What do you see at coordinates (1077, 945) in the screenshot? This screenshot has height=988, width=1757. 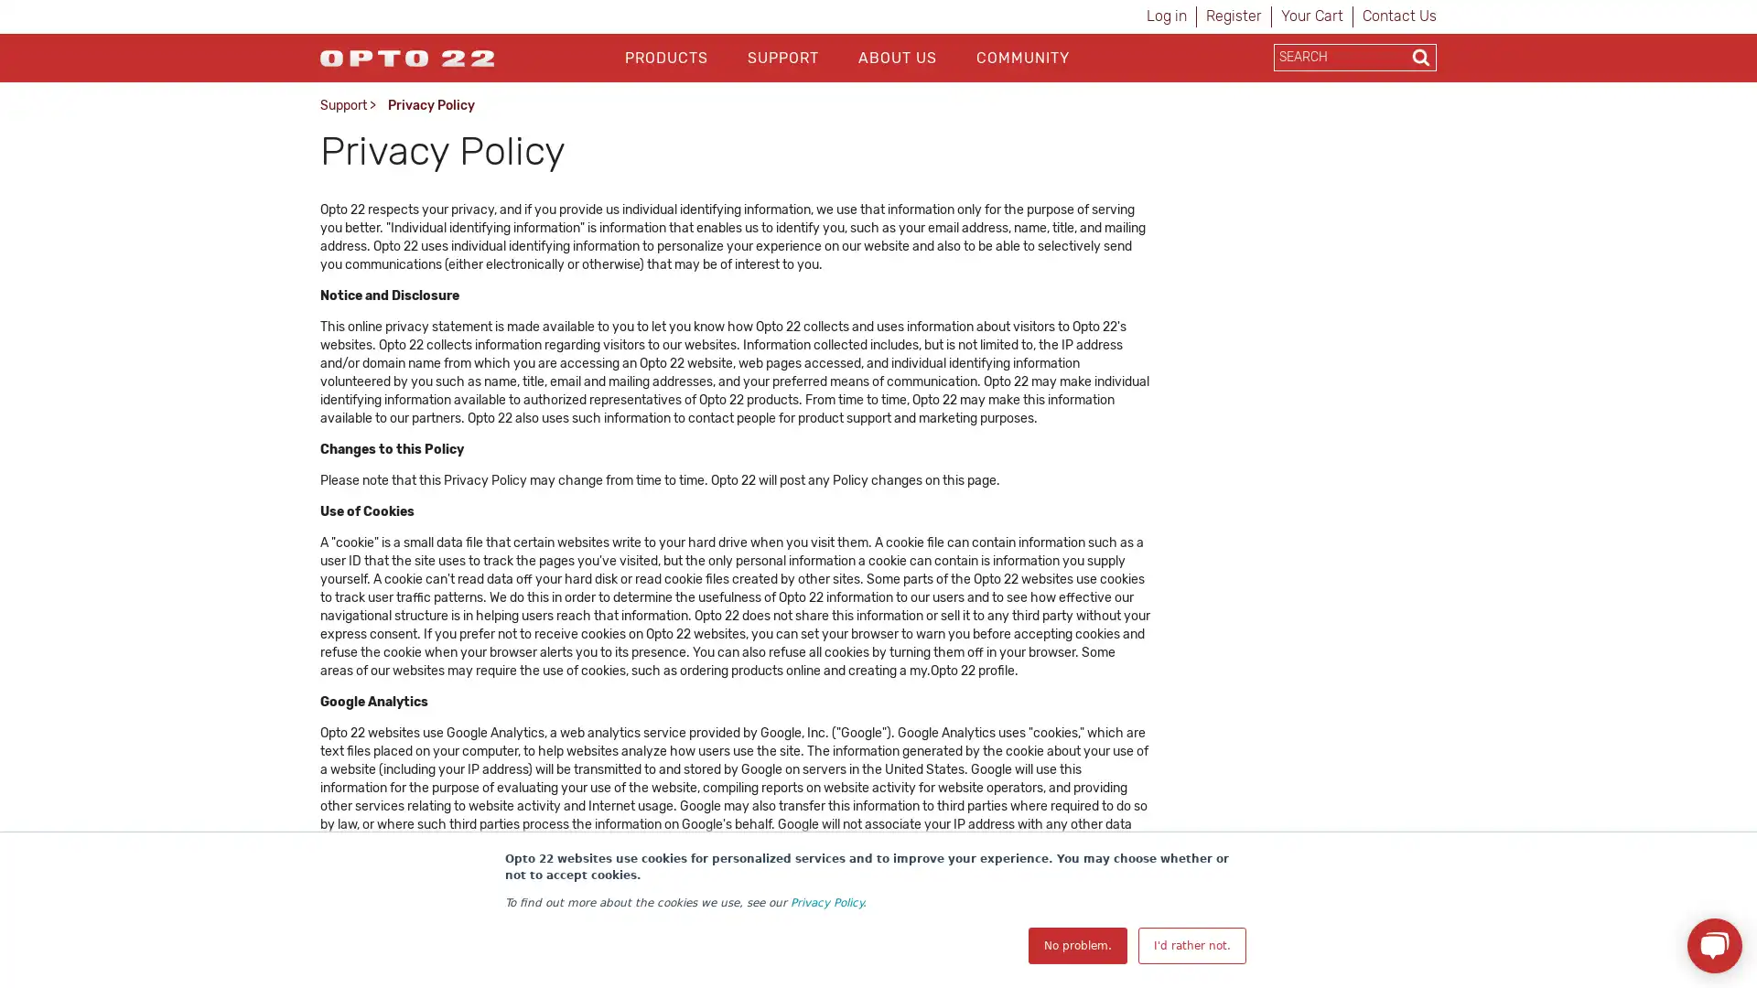 I see `No problem.` at bounding box center [1077, 945].